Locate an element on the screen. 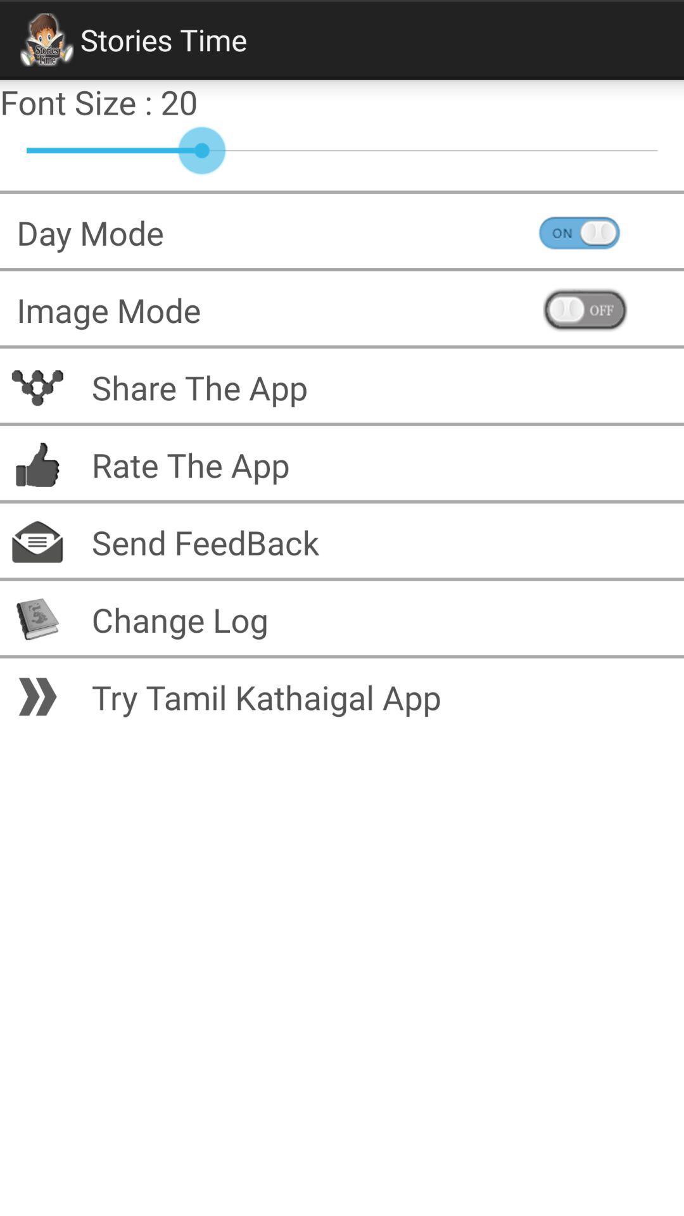  the send feedback is located at coordinates (197, 542).